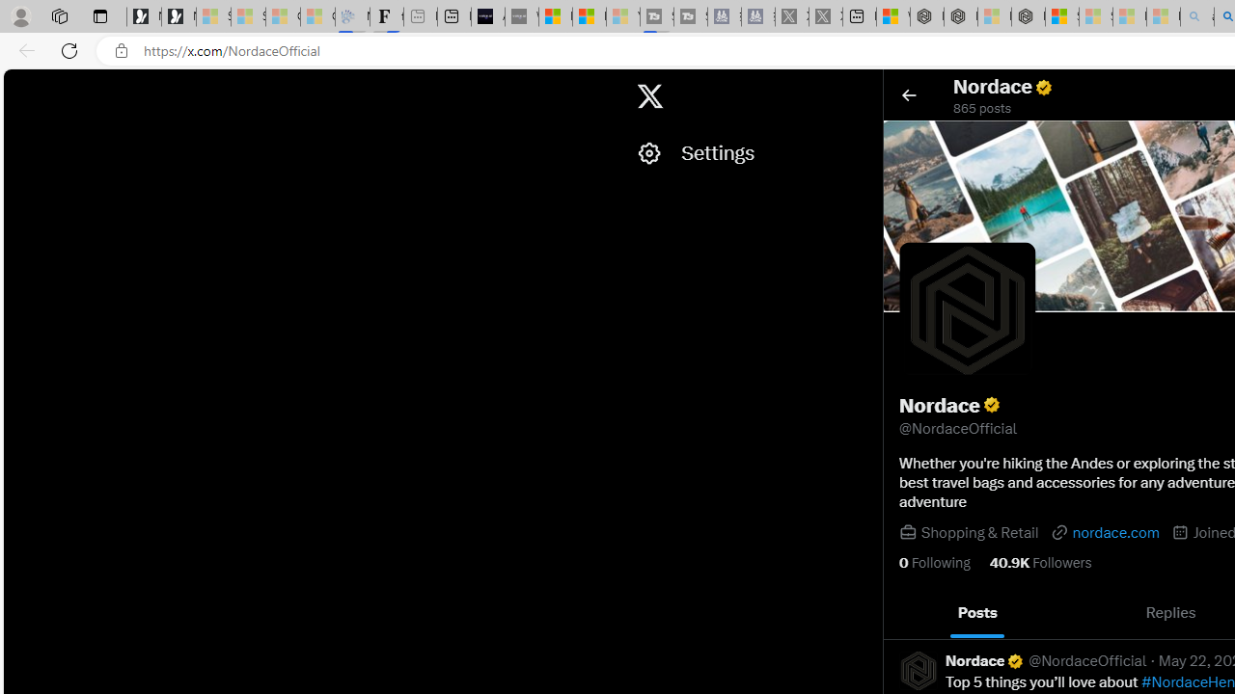  Describe the element at coordinates (1014, 660) in the screenshot. I see `'Verified account'` at that location.